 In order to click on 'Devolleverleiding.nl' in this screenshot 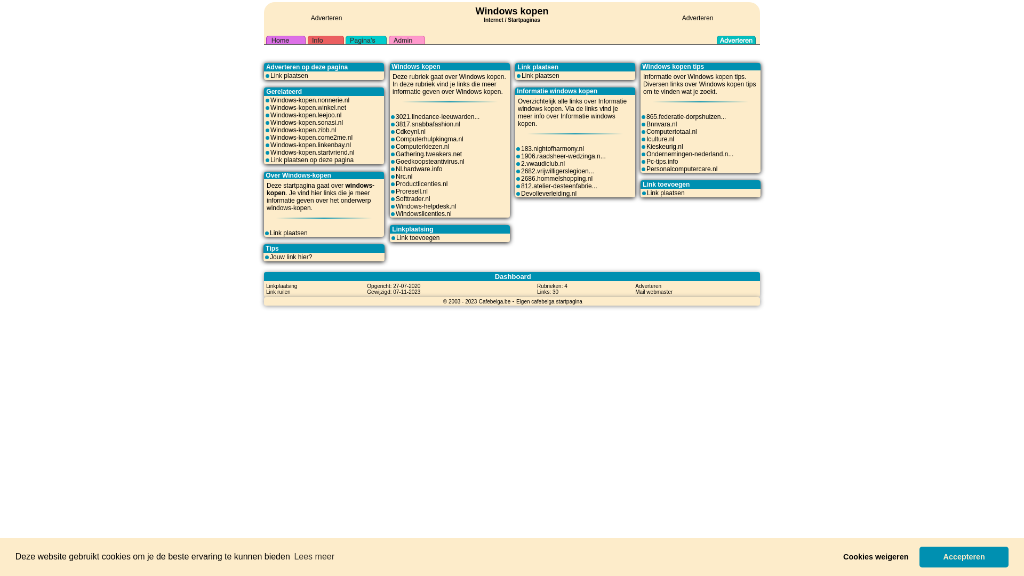, I will do `click(548, 193)`.